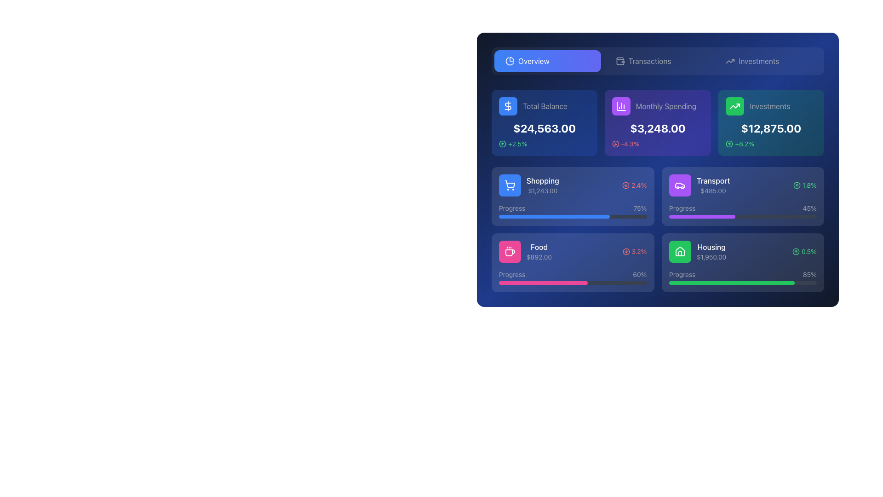  I want to click on the text label indicating investment-related information, located in the top right corner of the card, above the investment value and percentage, and to the right of the green square with an arrow symbol, so click(771, 106).